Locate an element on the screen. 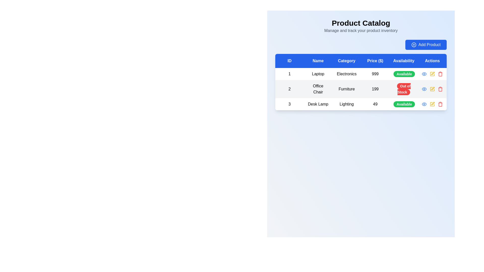 This screenshot has height=272, width=484. the 'edit' icon in the 'Actions' column for the 'Office Chair' item to initiate editing the associated row is located at coordinates (433, 103).